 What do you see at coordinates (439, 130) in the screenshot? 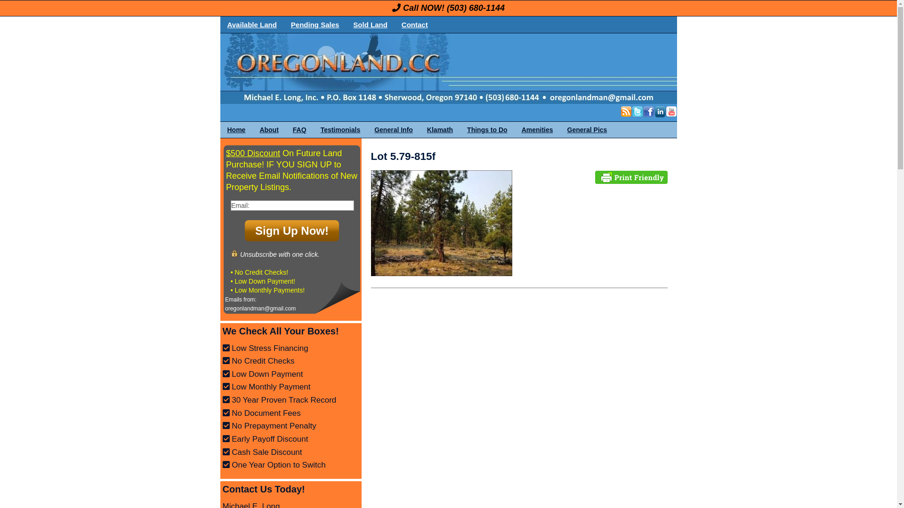
I see `'Klamath'` at bounding box center [439, 130].